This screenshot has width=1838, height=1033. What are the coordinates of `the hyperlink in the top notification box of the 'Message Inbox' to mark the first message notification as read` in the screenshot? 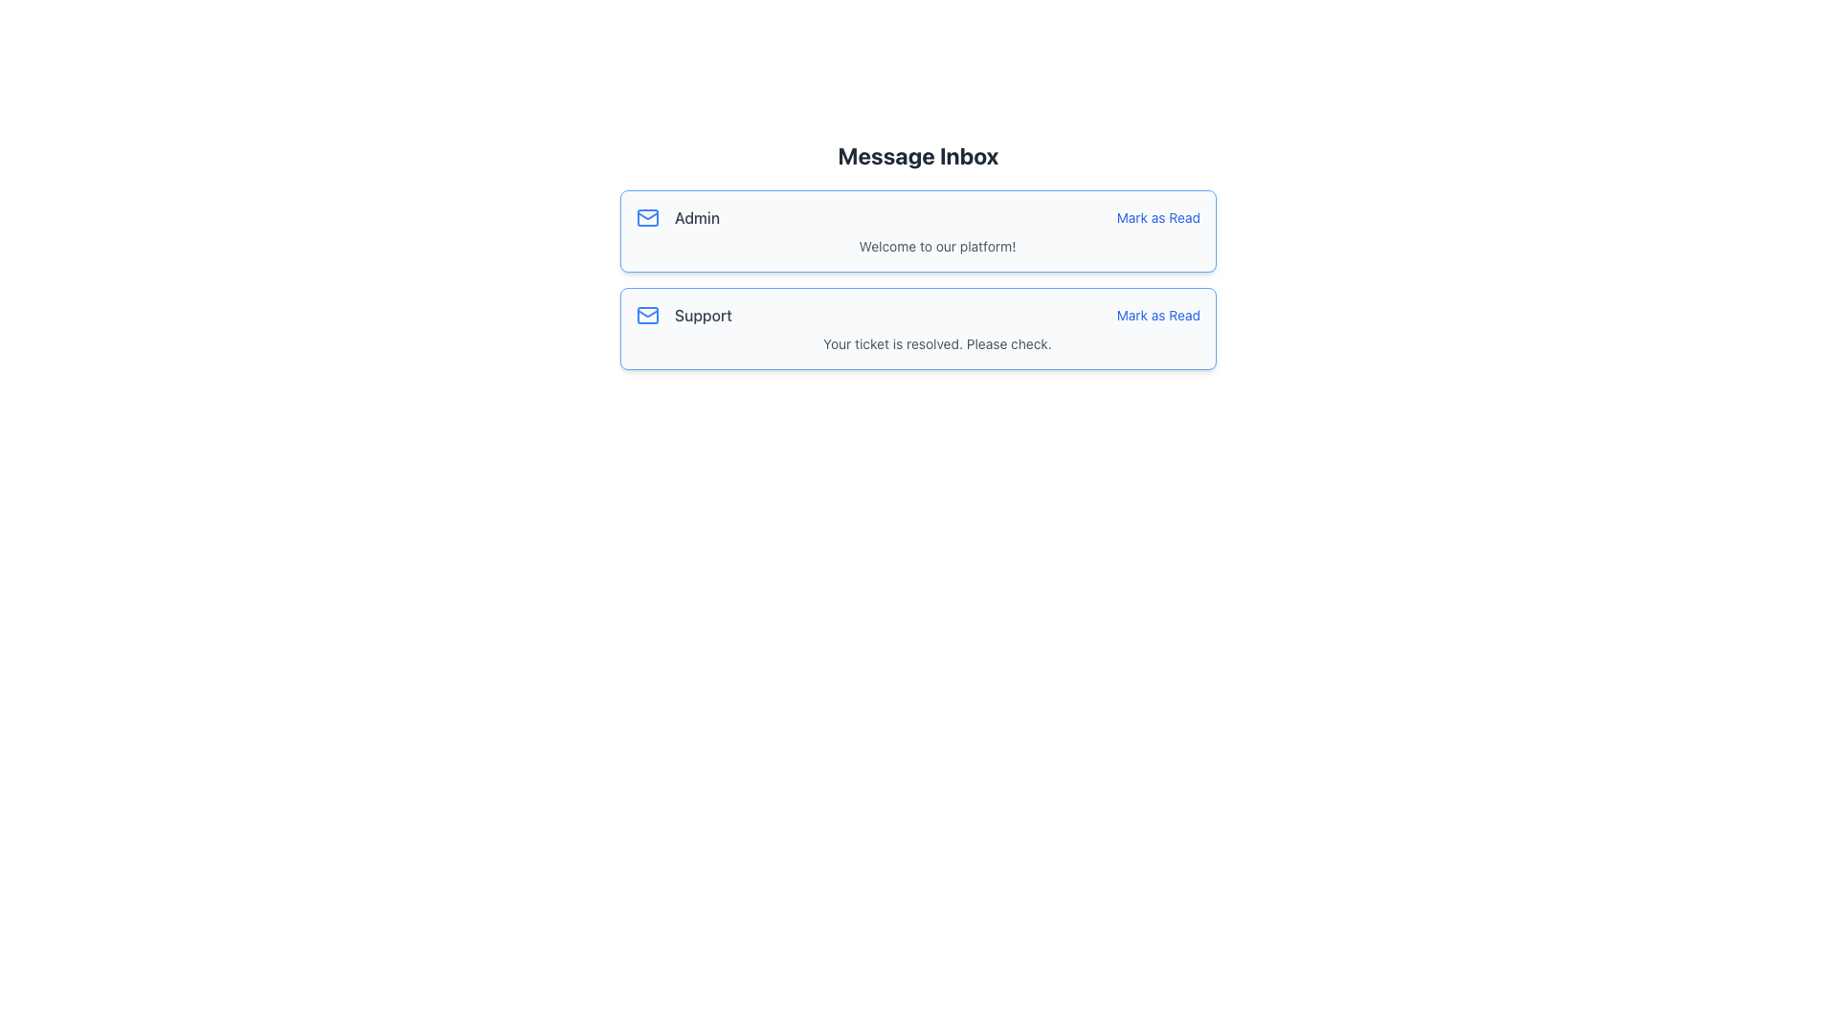 It's located at (1156, 216).